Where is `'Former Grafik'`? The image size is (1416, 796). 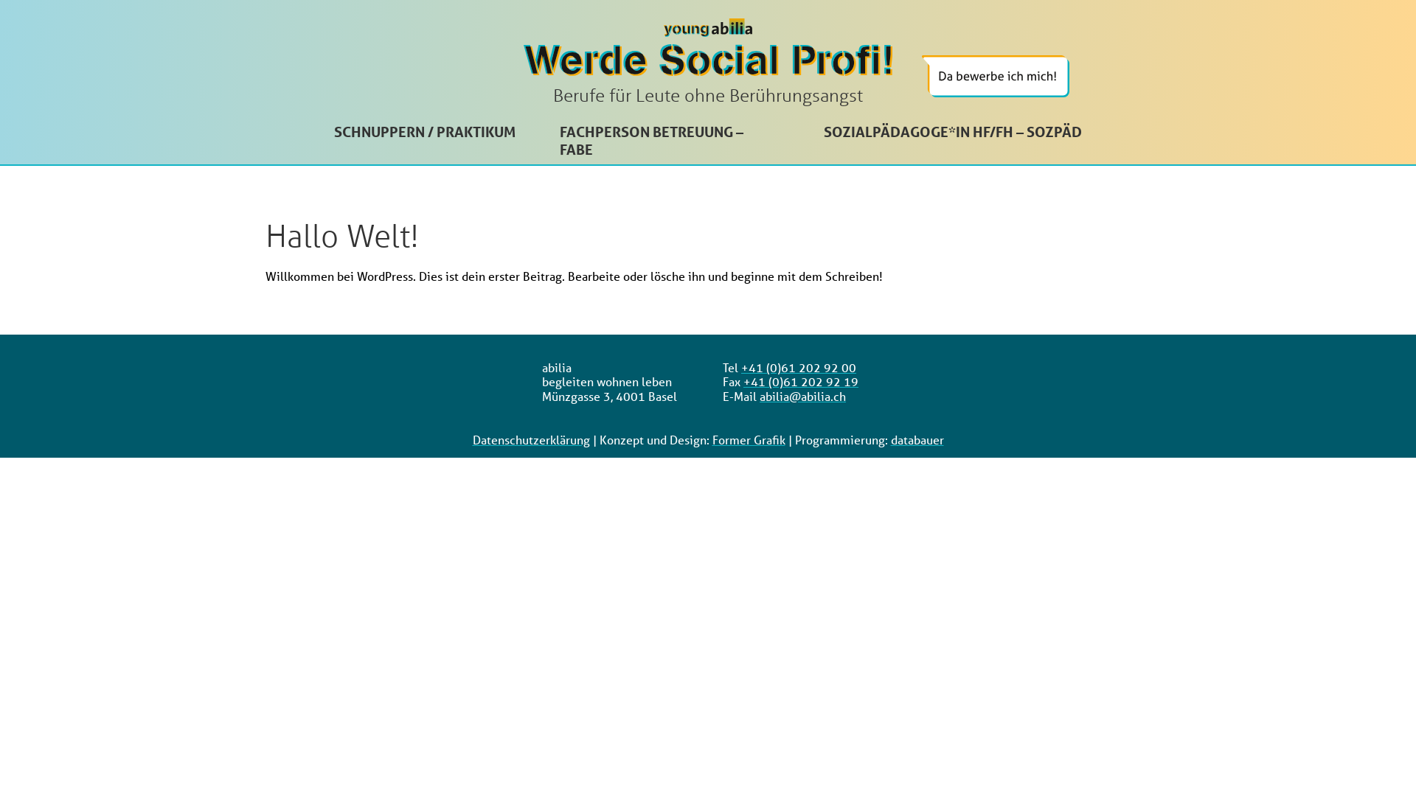 'Former Grafik' is located at coordinates (749, 439).